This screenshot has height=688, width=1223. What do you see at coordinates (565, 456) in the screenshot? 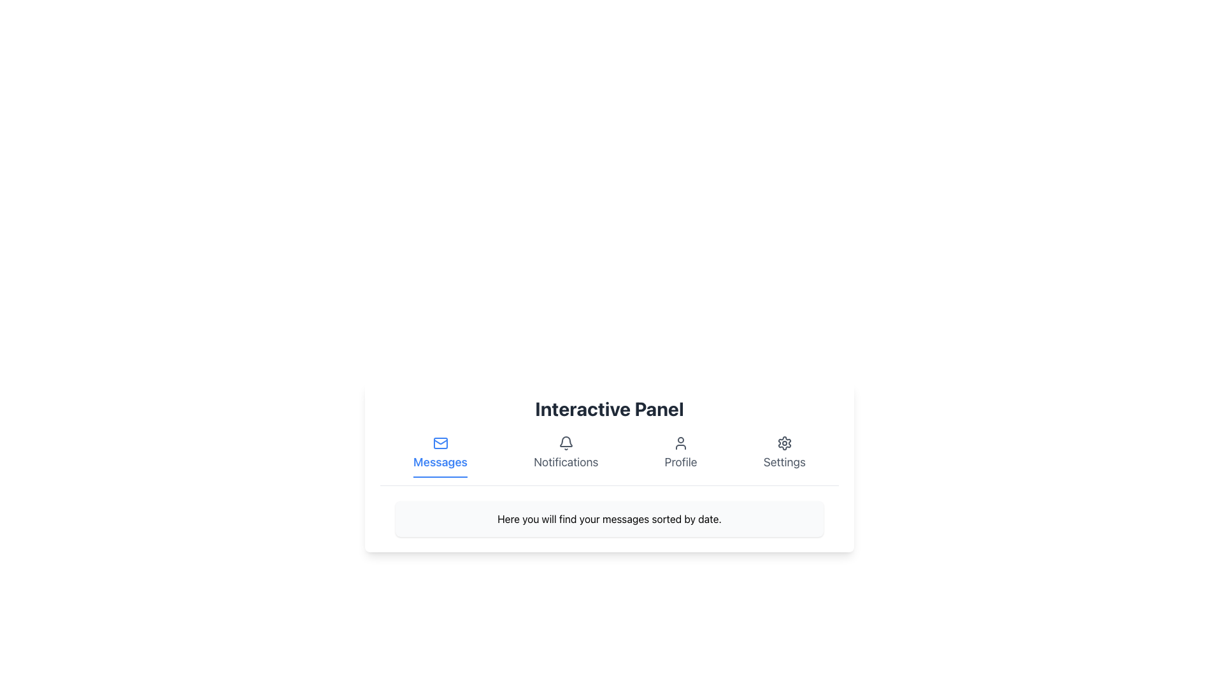
I see `the notifications button located between the 'Messages' and 'Profile' buttons on the horizontal menu bar below the 'Interactive Panel' header` at bounding box center [565, 456].